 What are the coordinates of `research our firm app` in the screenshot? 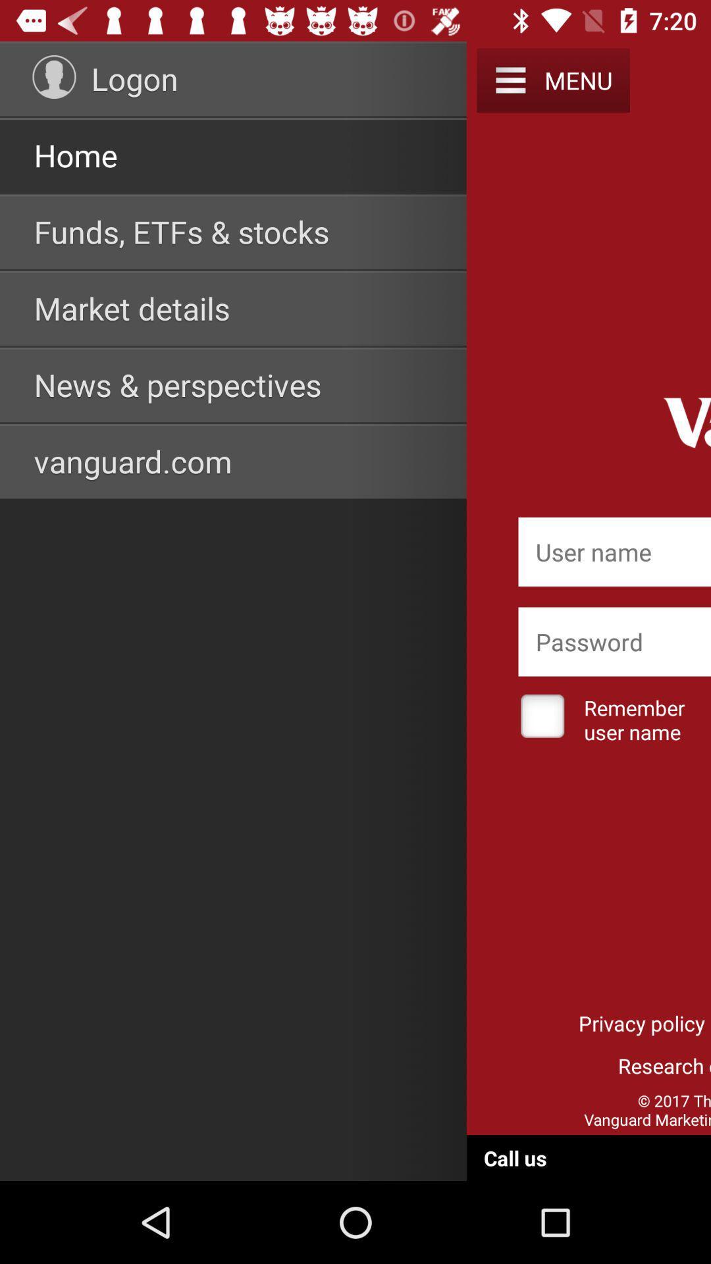 It's located at (614, 1065).